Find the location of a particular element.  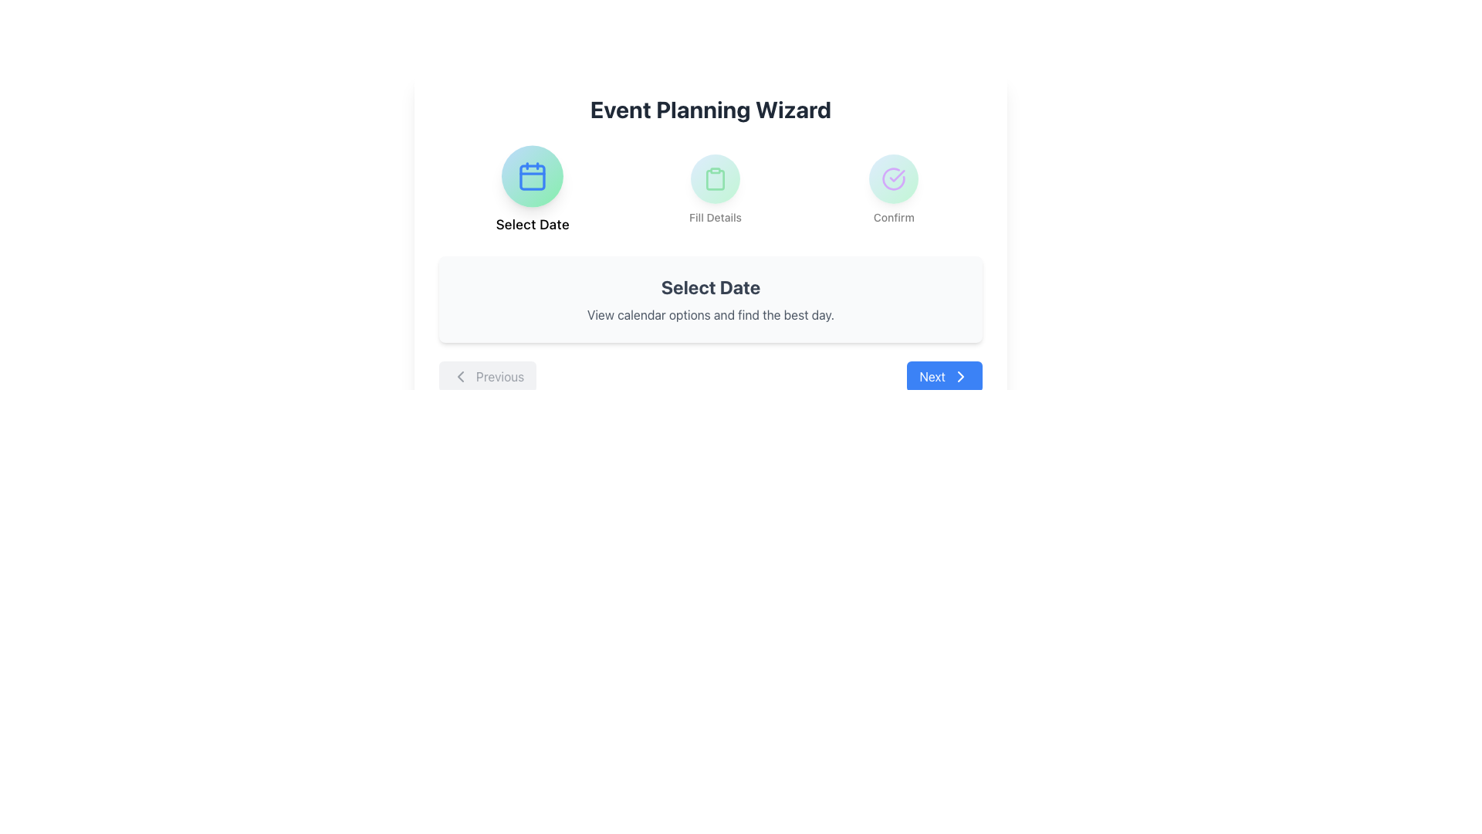

the Text Label that indicates the functionality of the button located near the bottom-right corner of the interface, to the left of the chevron icon is located at coordinates (932, 377).